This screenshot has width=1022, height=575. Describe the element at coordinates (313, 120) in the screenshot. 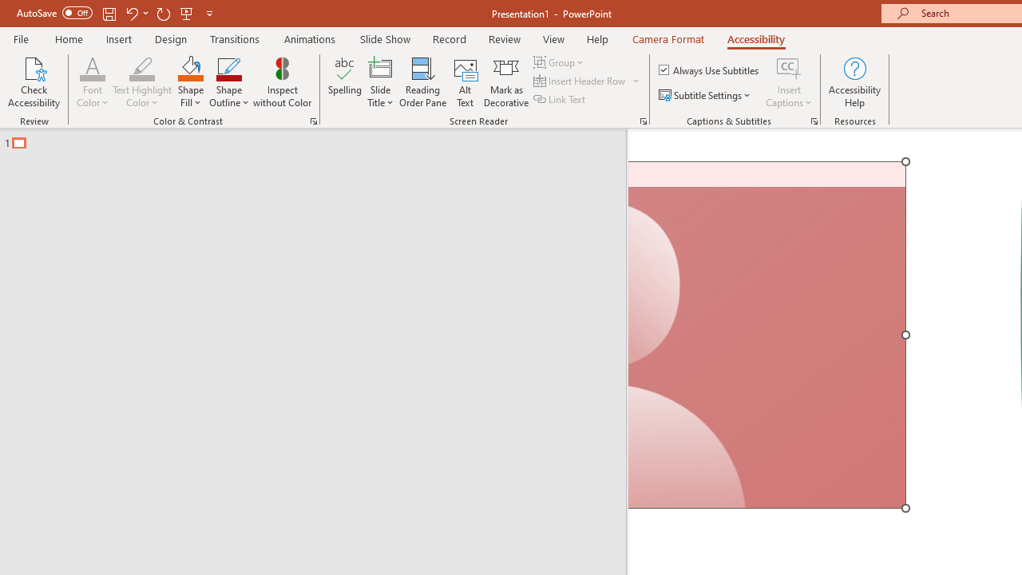

I see `'Color & Contrast'` at that location.